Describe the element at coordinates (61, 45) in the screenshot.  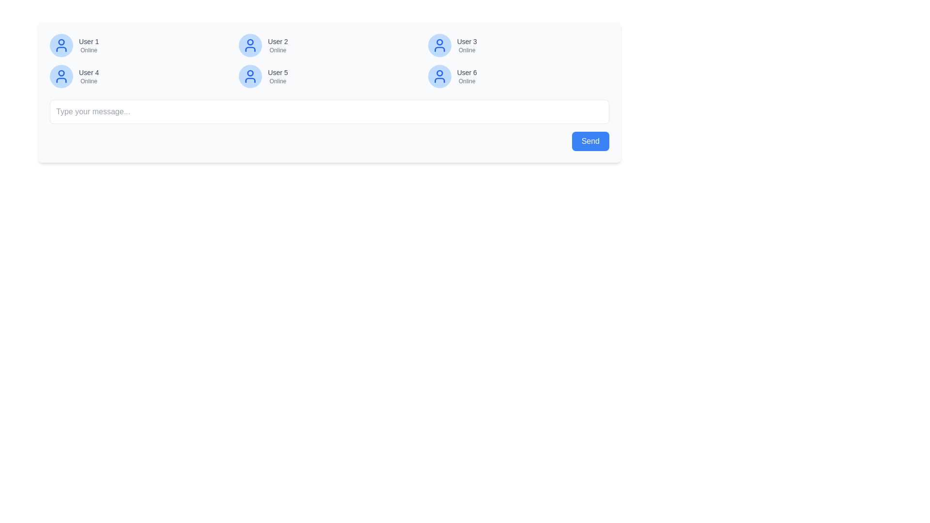
I see `the user profile icon located in the top-left corner of the user list section by moving the cursor to it` at that location.